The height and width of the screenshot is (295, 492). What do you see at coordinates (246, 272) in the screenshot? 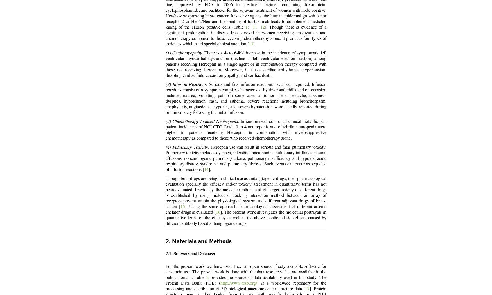
I see `'For the present work we have used Hex, an open source, freely available software for academic use. The present work is done with the data resources that are available in the public domain. Table'` at bounding box center [246, 272].